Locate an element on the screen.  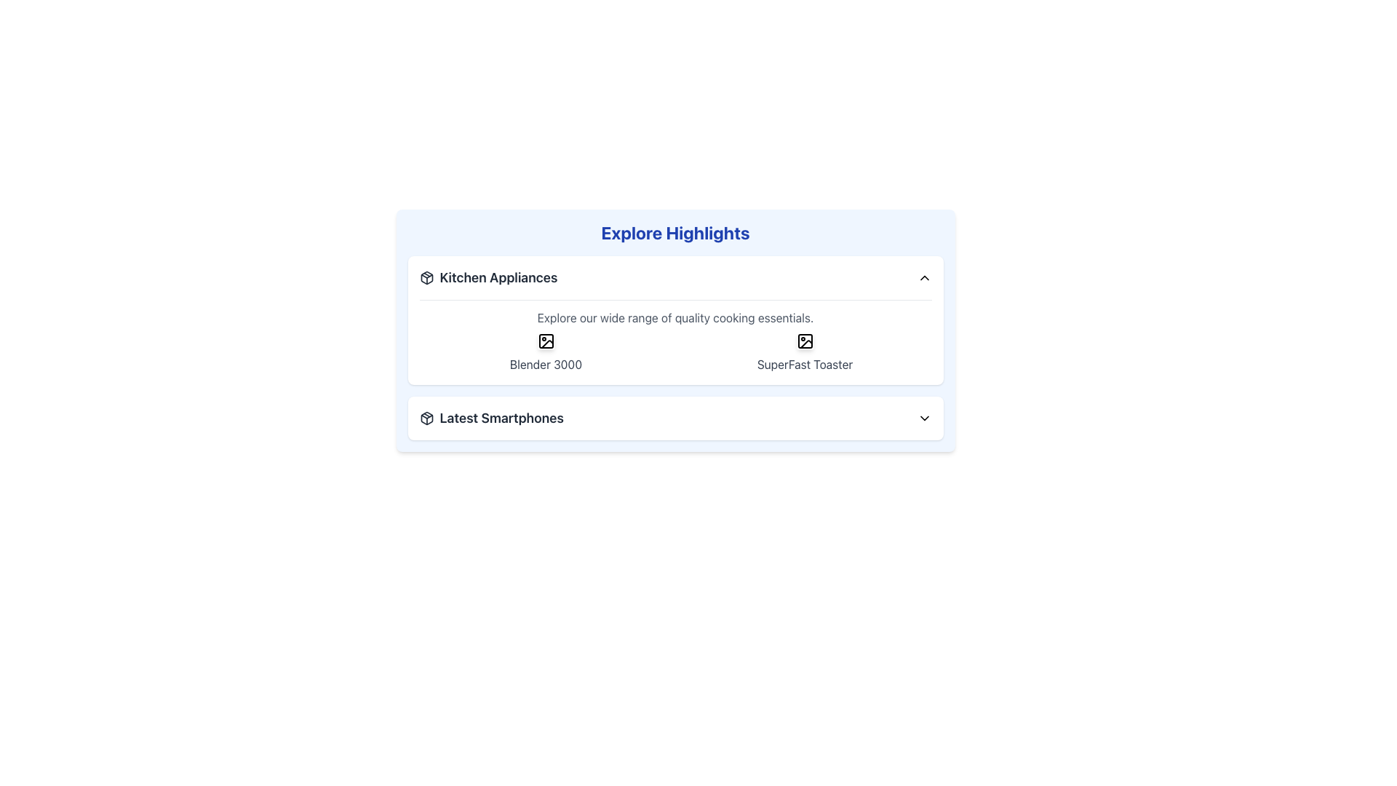
the 'SuperFast Toaster' item in the 'Kitchen Appliances' section, which features a rounded image and descriptive text below it is located at coordinates (804, 353).